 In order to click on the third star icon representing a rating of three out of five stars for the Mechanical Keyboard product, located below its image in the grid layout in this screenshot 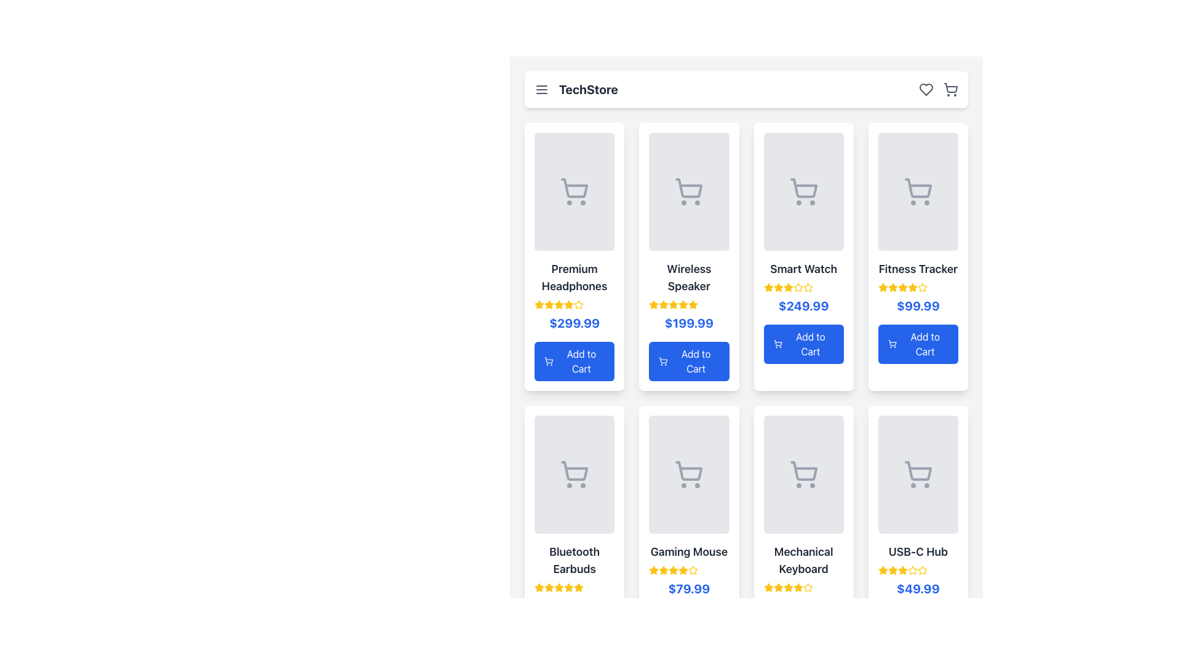, I will do `click(768, 587)`.